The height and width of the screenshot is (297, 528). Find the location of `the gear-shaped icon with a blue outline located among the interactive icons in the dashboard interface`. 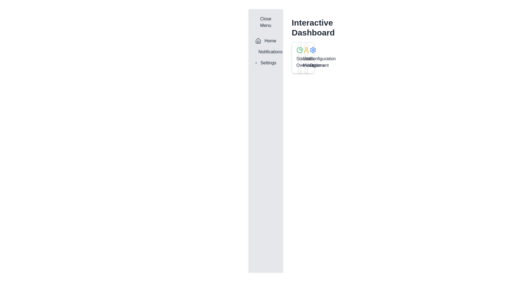

the gear-shaped icon with a blue outline located among the interactive icons in the dashboard interface is located at coordinates (313, 50).